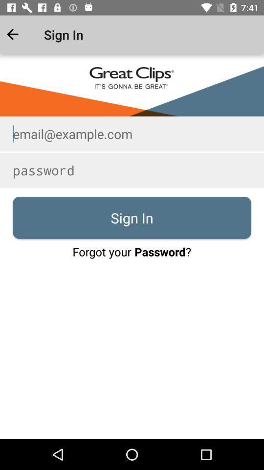 The image size is (264, 470). What do you see at coordinates (132, 170) in the screenshot?
I see `type in password to login` at bounding box center [132, 170].